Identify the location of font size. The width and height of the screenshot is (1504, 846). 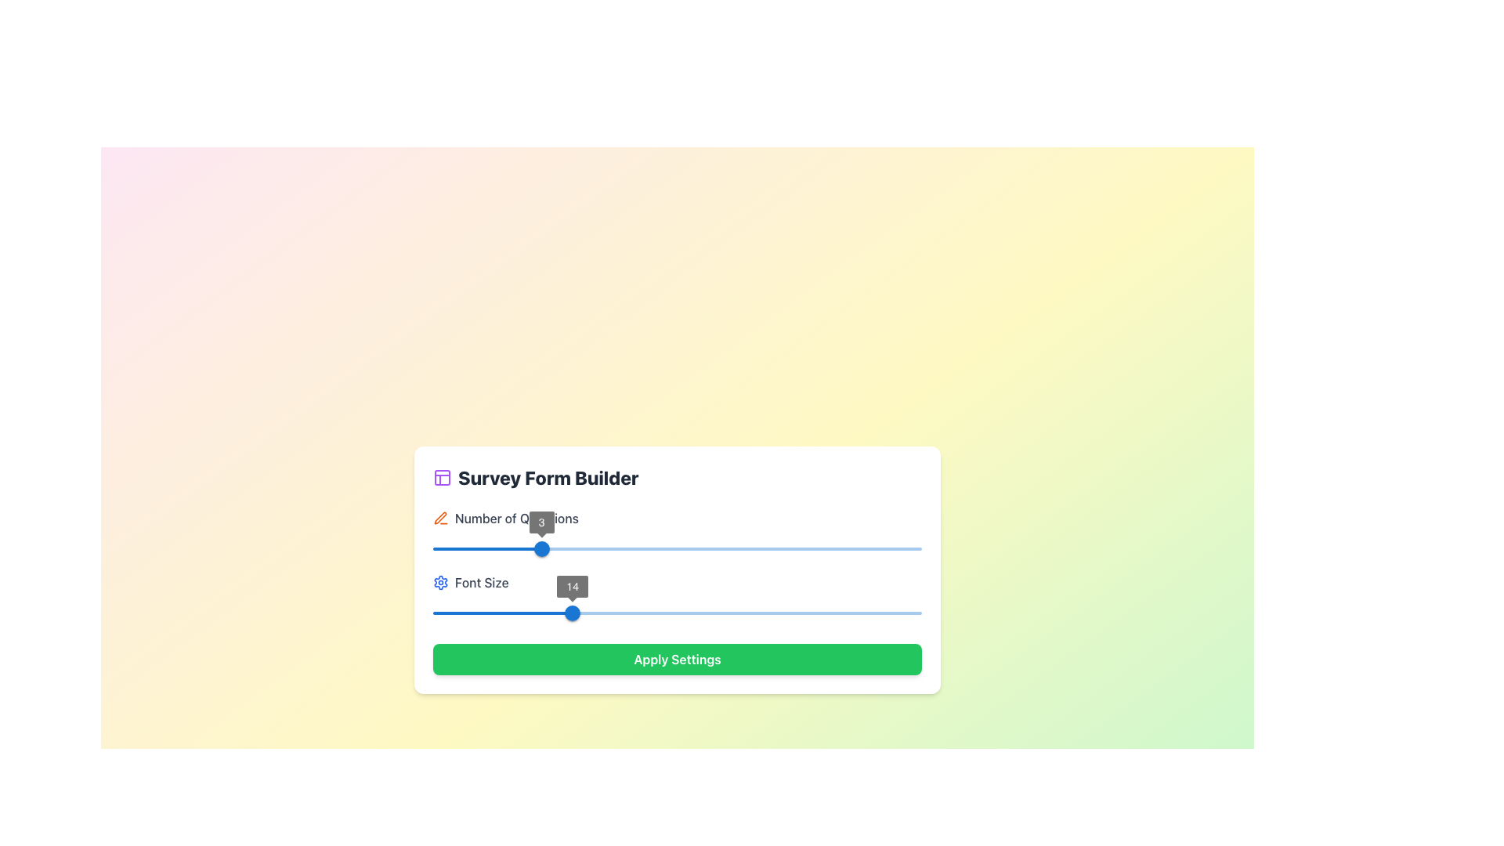
(691, 613).